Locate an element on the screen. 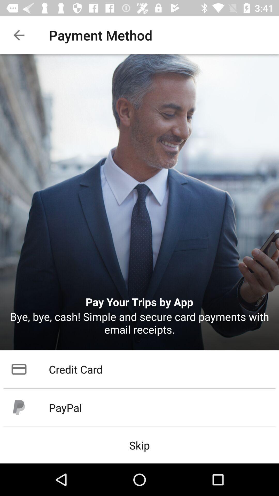 The width and height of the screenshot is (279, 496). item to the left of the payment method icon is located at coordinates (19, 35).